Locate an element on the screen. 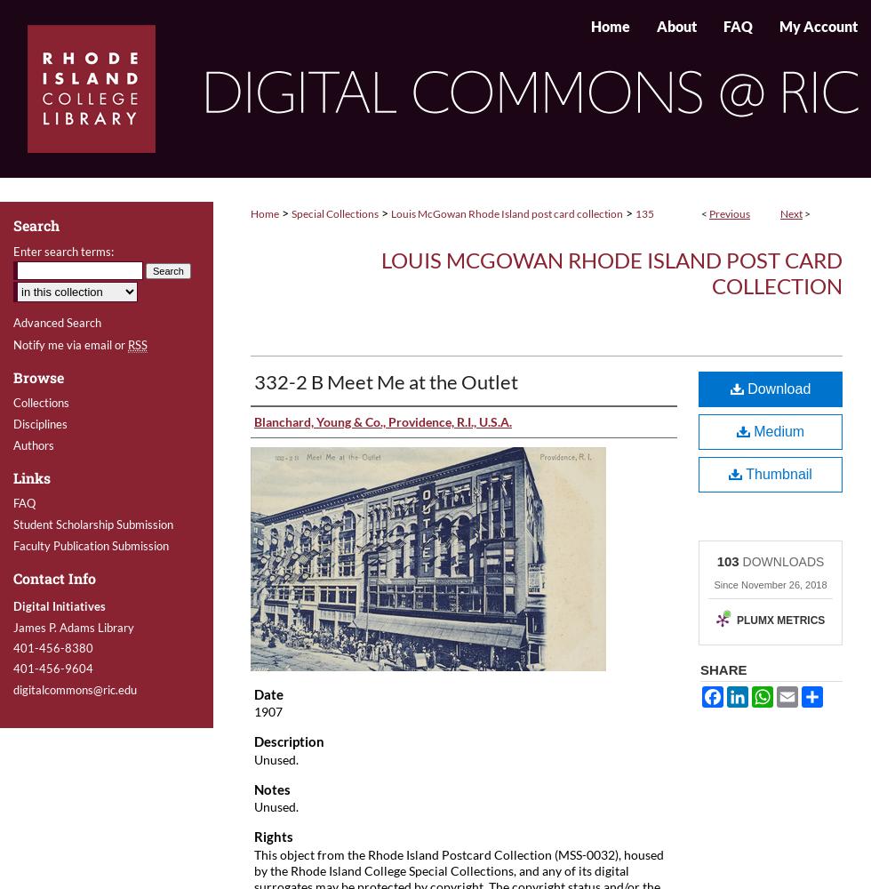 The height and width of the screenshot is (889, 871). 'Digital Initiatives' is located at coordinates (60, 606).